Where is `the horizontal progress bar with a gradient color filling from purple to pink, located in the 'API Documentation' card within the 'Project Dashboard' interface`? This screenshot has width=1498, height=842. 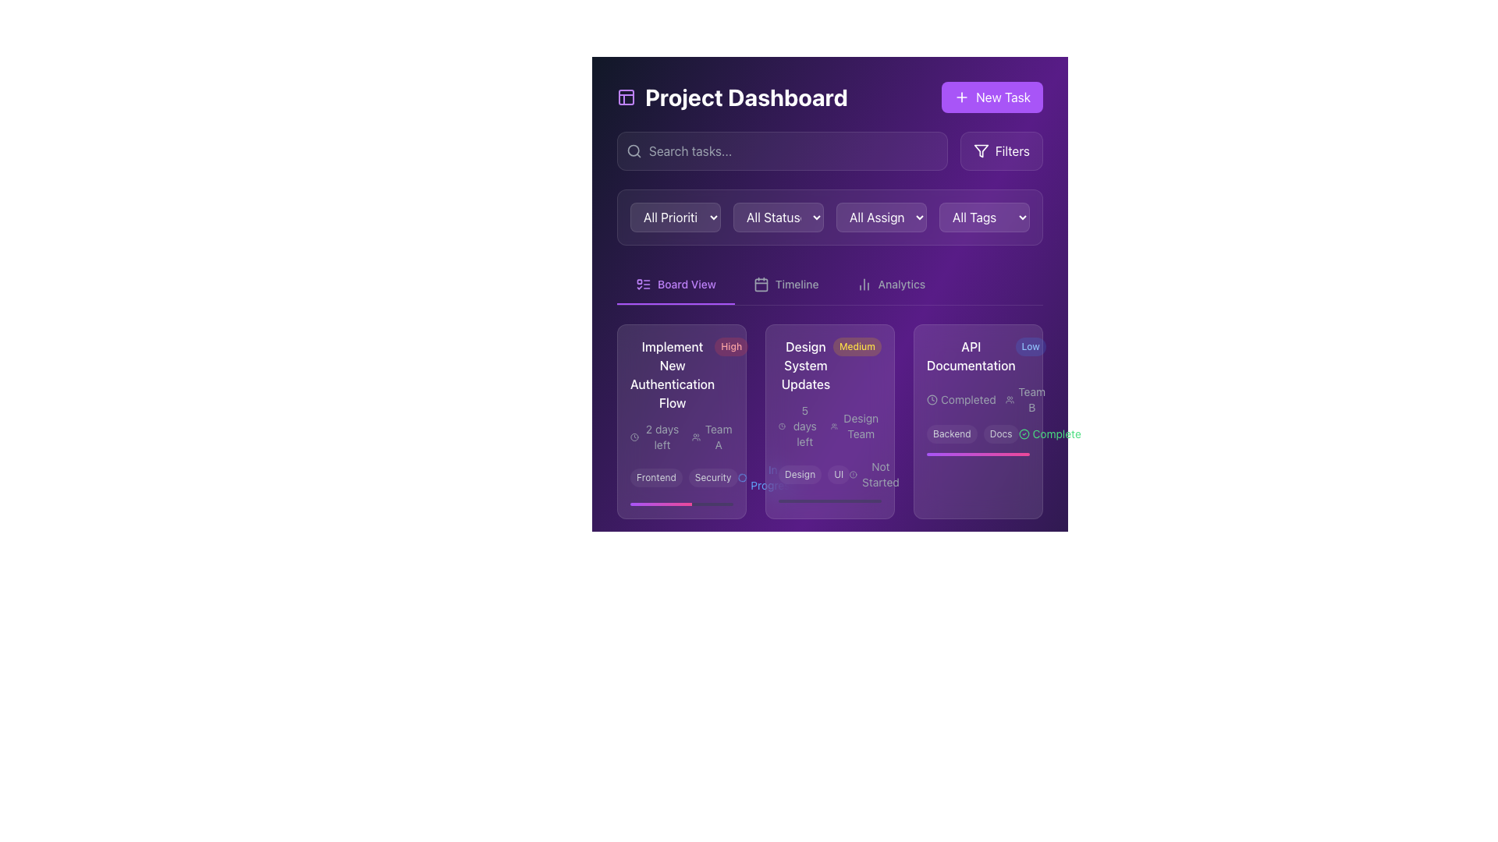 the horizontal progress bar with a gradient color filling from purple to pink, located in the 'API Documentation' card within the 'Project Dashboard' interface is located at coordinates (977, 454).